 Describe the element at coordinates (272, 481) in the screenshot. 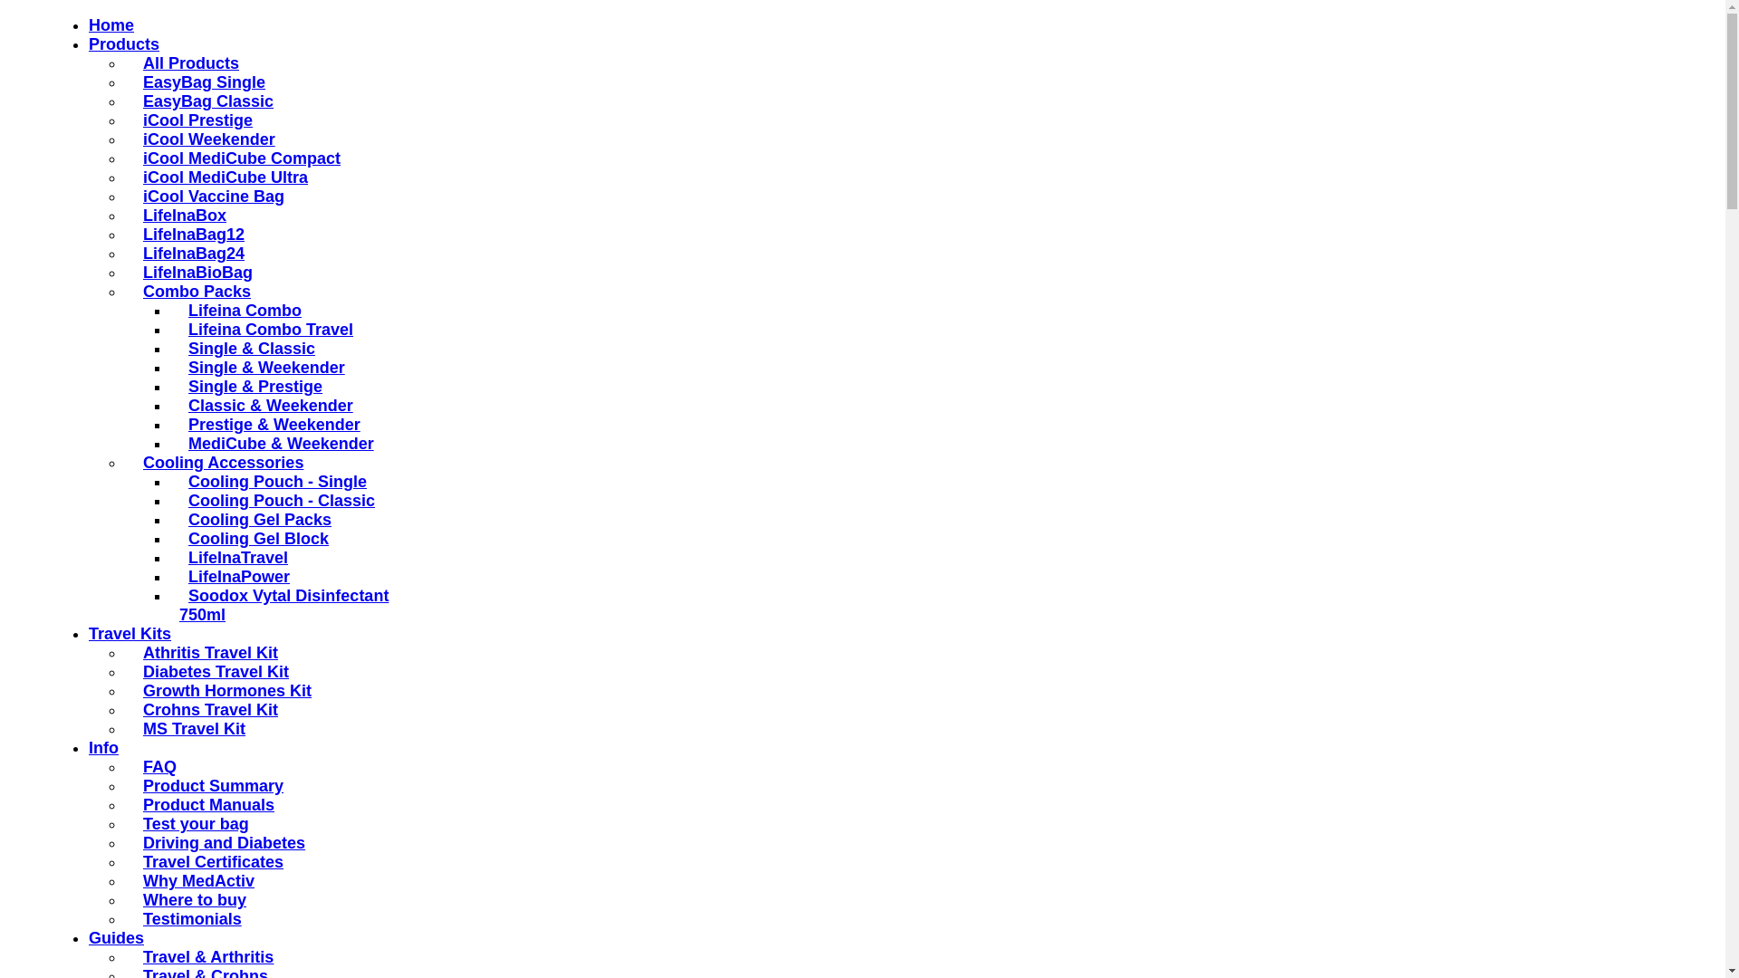

I see `'Cooling Pouch - Single'` at that location.